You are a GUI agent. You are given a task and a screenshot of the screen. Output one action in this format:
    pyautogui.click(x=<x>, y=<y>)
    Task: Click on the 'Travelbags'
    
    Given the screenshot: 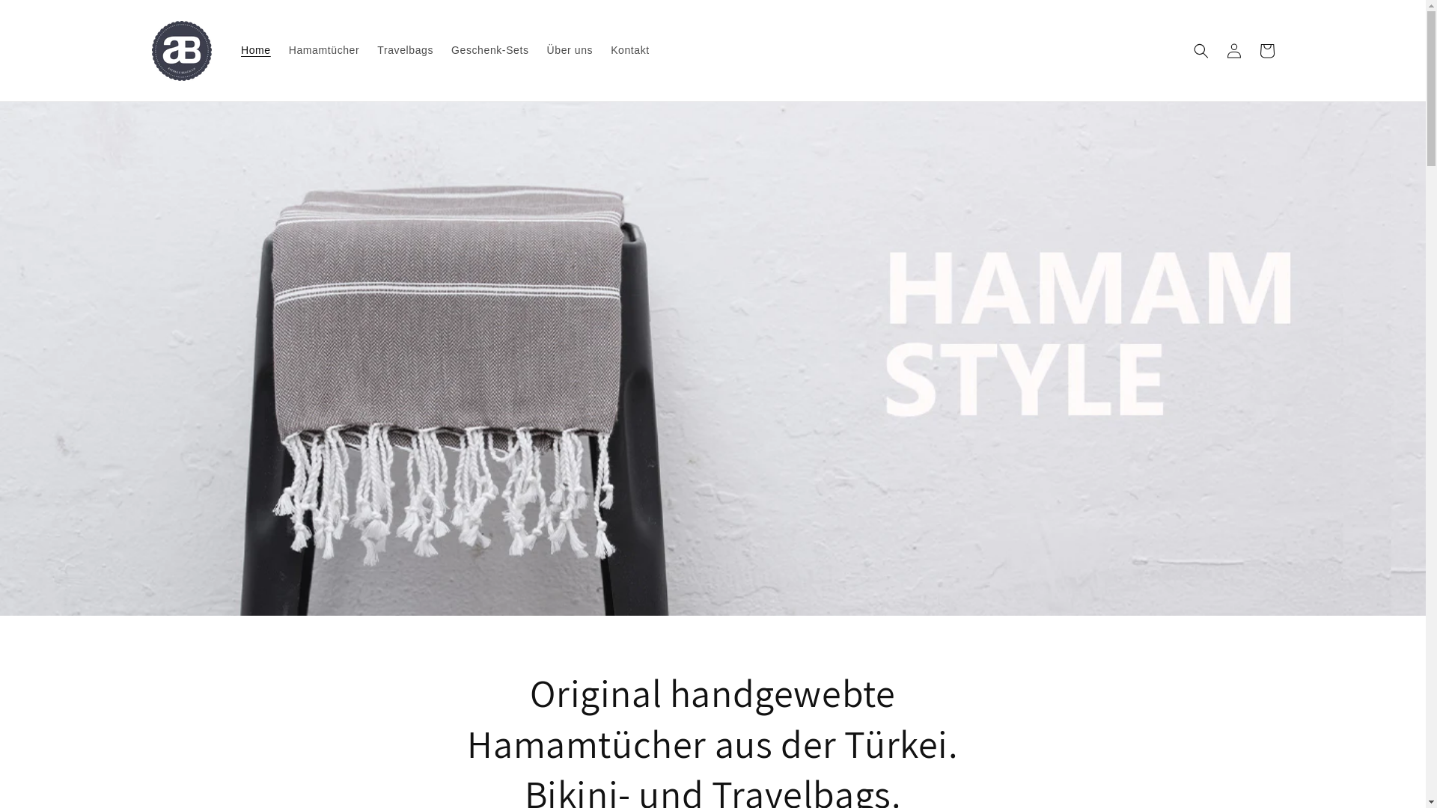 What is the action you would take?
    pyautogui.click(x=405, y=49)
    